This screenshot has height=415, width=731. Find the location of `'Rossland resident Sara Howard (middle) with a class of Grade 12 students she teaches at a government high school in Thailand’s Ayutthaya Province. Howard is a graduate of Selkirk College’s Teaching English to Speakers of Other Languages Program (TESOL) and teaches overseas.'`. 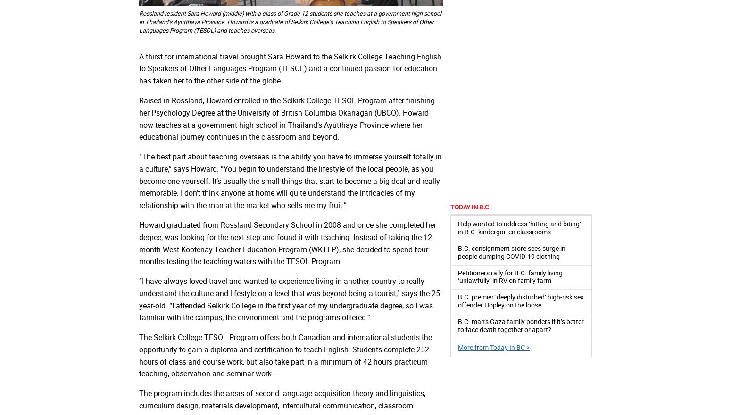

'Rossland resident Sara Howard (middle) with a class of Grade 12 students she teaches at a government high school in Thailand’s Ayutthaya Province. Howard is a graduate of Selkirk College’s Teaching English to Speakers of Other Languages Program (TESOL) and teaches overseas.' is located at coordinates (290, 21).